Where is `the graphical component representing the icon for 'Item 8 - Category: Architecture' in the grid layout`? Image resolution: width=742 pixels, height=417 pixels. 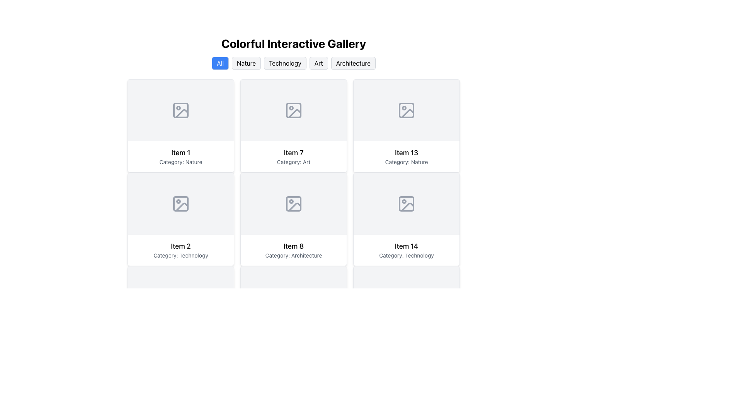 the graphical component representing the icon for 'Item 8 - Category: Architecture' in the grid layout is located at coordinates (293, 203).